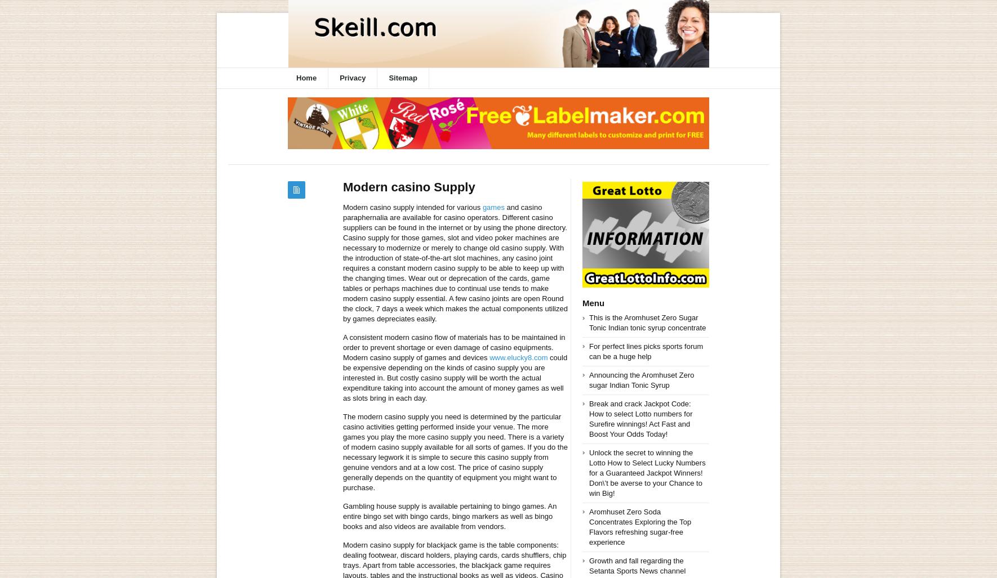 Image resolution: width=997 pixels, height=578 pixels. I want to click on 'Modern casino Supply', so click(342, 186).